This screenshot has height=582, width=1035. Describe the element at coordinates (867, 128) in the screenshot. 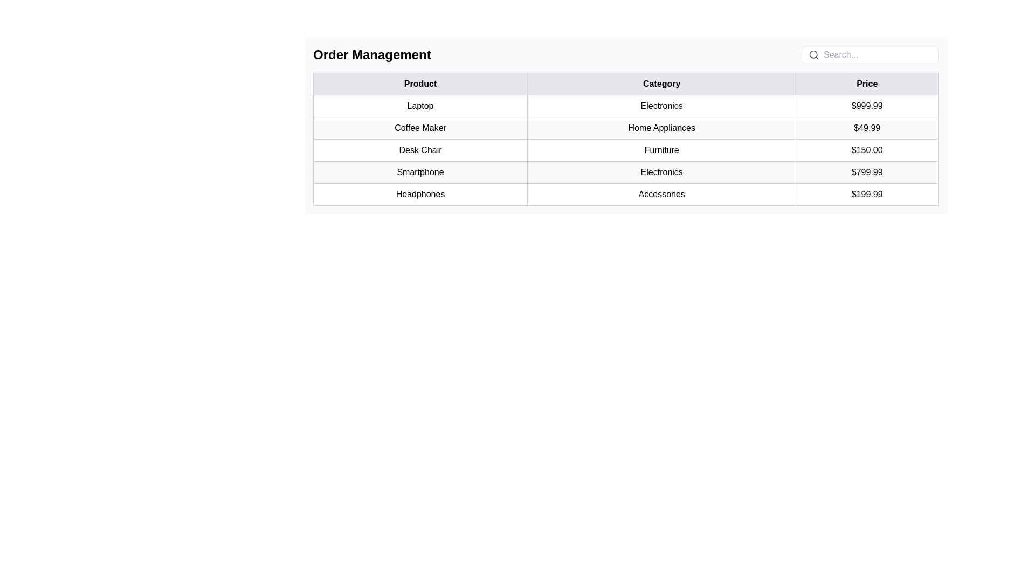

I see `the static text displaying the price of the 'Coffee Maker' in the 'Price' column of the table` at that location.